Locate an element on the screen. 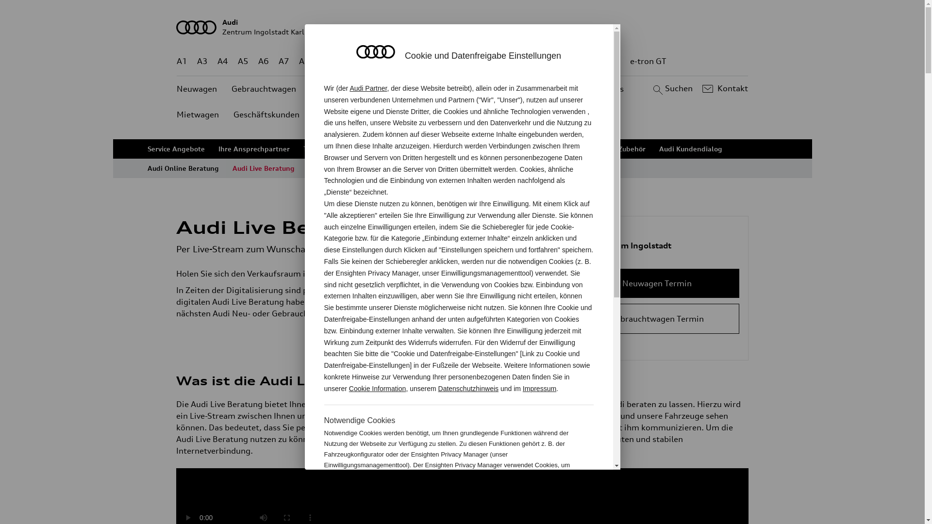  'Ihre Ansprechpartner' is located at coordinates (254, 149).